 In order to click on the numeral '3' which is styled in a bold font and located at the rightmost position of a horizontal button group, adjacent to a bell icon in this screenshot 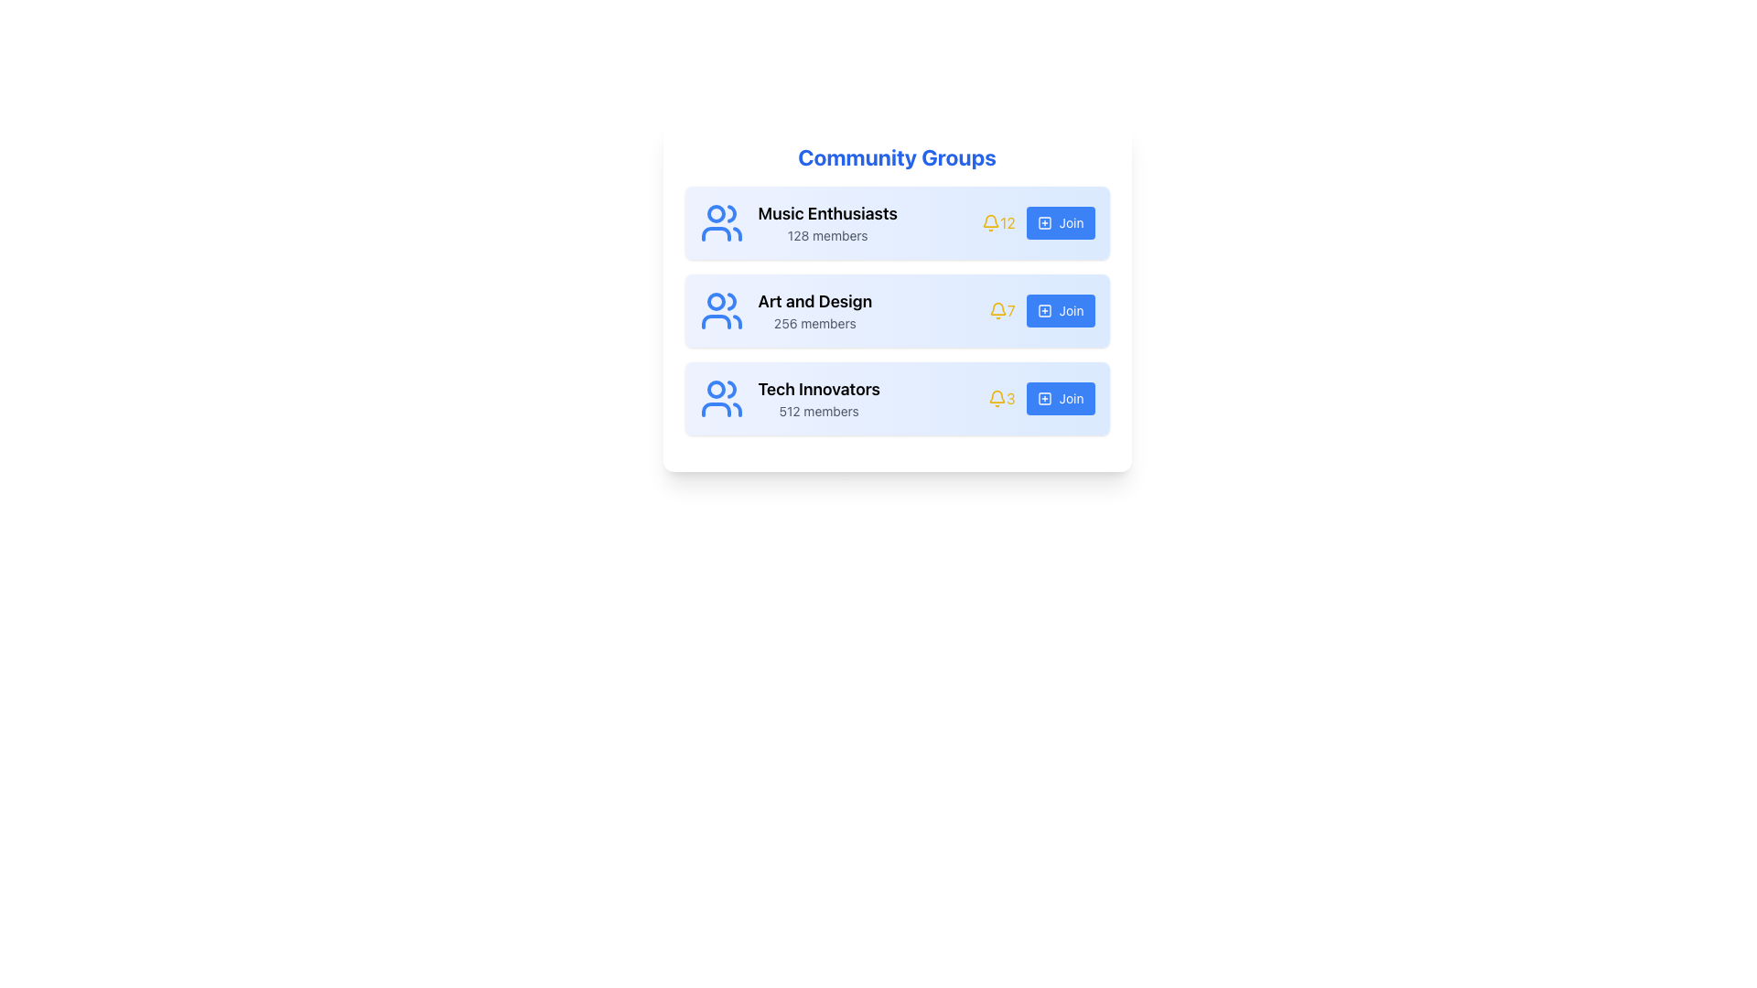, I will do `click(1009, 397)`.